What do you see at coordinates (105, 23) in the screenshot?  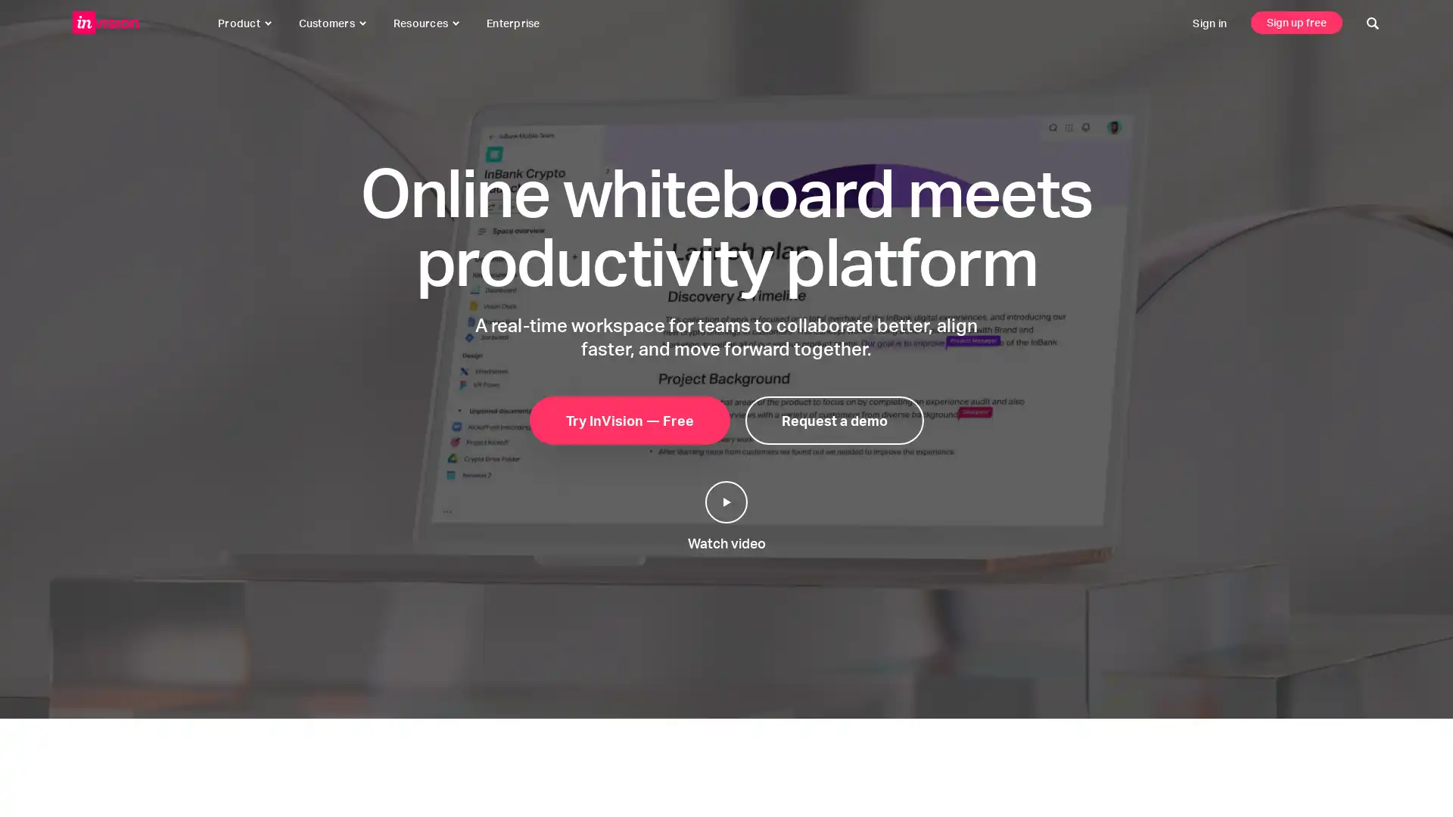 I see `invisionapp, inc.` at bounding box center [105, 23].